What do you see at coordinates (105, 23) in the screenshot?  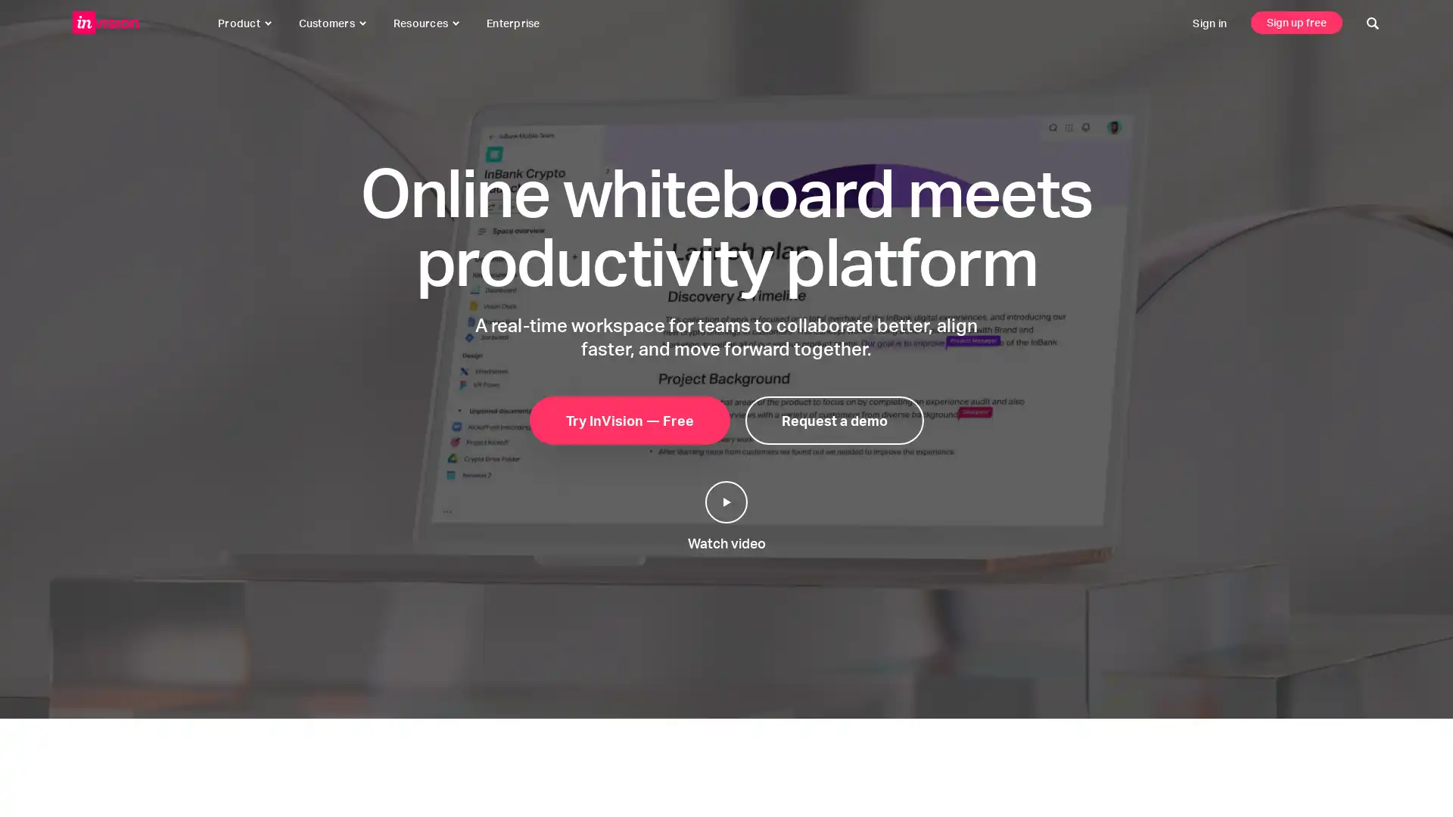 I see `invisionapp, inc.` at bounding box center [105, 23].